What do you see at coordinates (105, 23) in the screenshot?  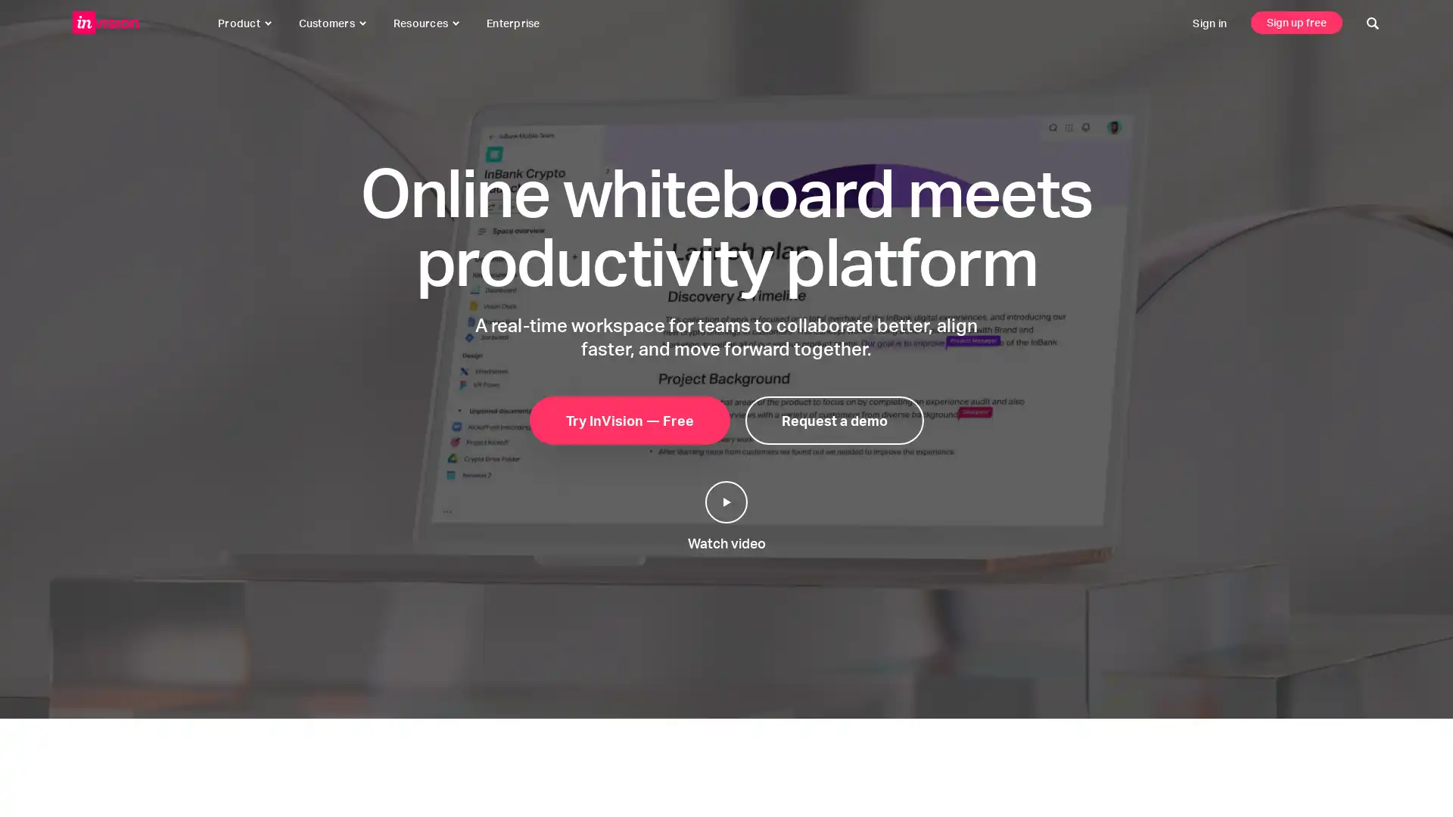 I see `invisionapp, inc.` at bounding box center [105, 23].